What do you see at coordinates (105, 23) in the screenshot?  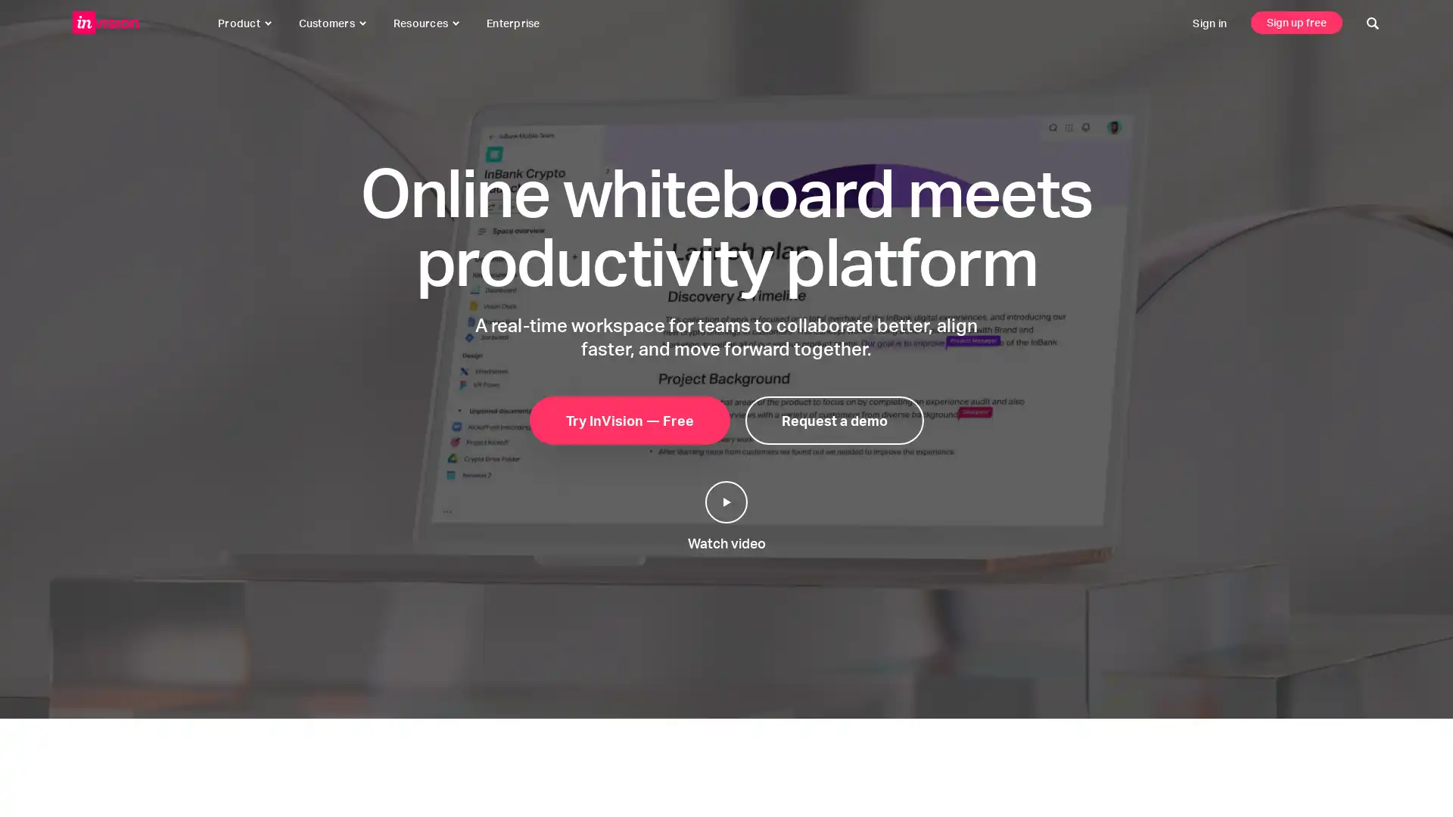 I see `invisionapp, inc.` at bounding box center [105, 23].